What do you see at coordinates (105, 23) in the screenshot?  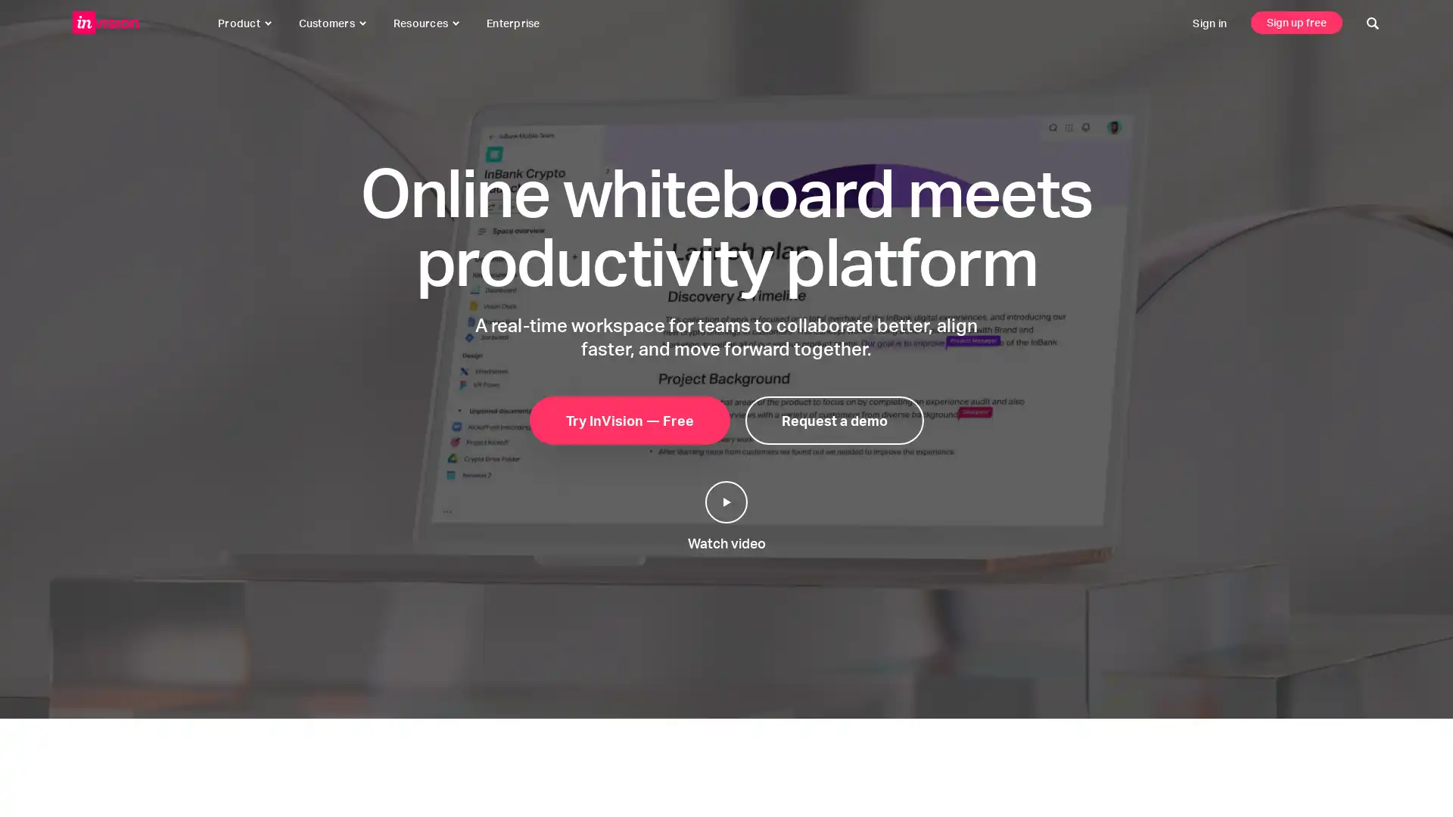 I see `invisionapp, inc.` at bounding box center [105, 23].